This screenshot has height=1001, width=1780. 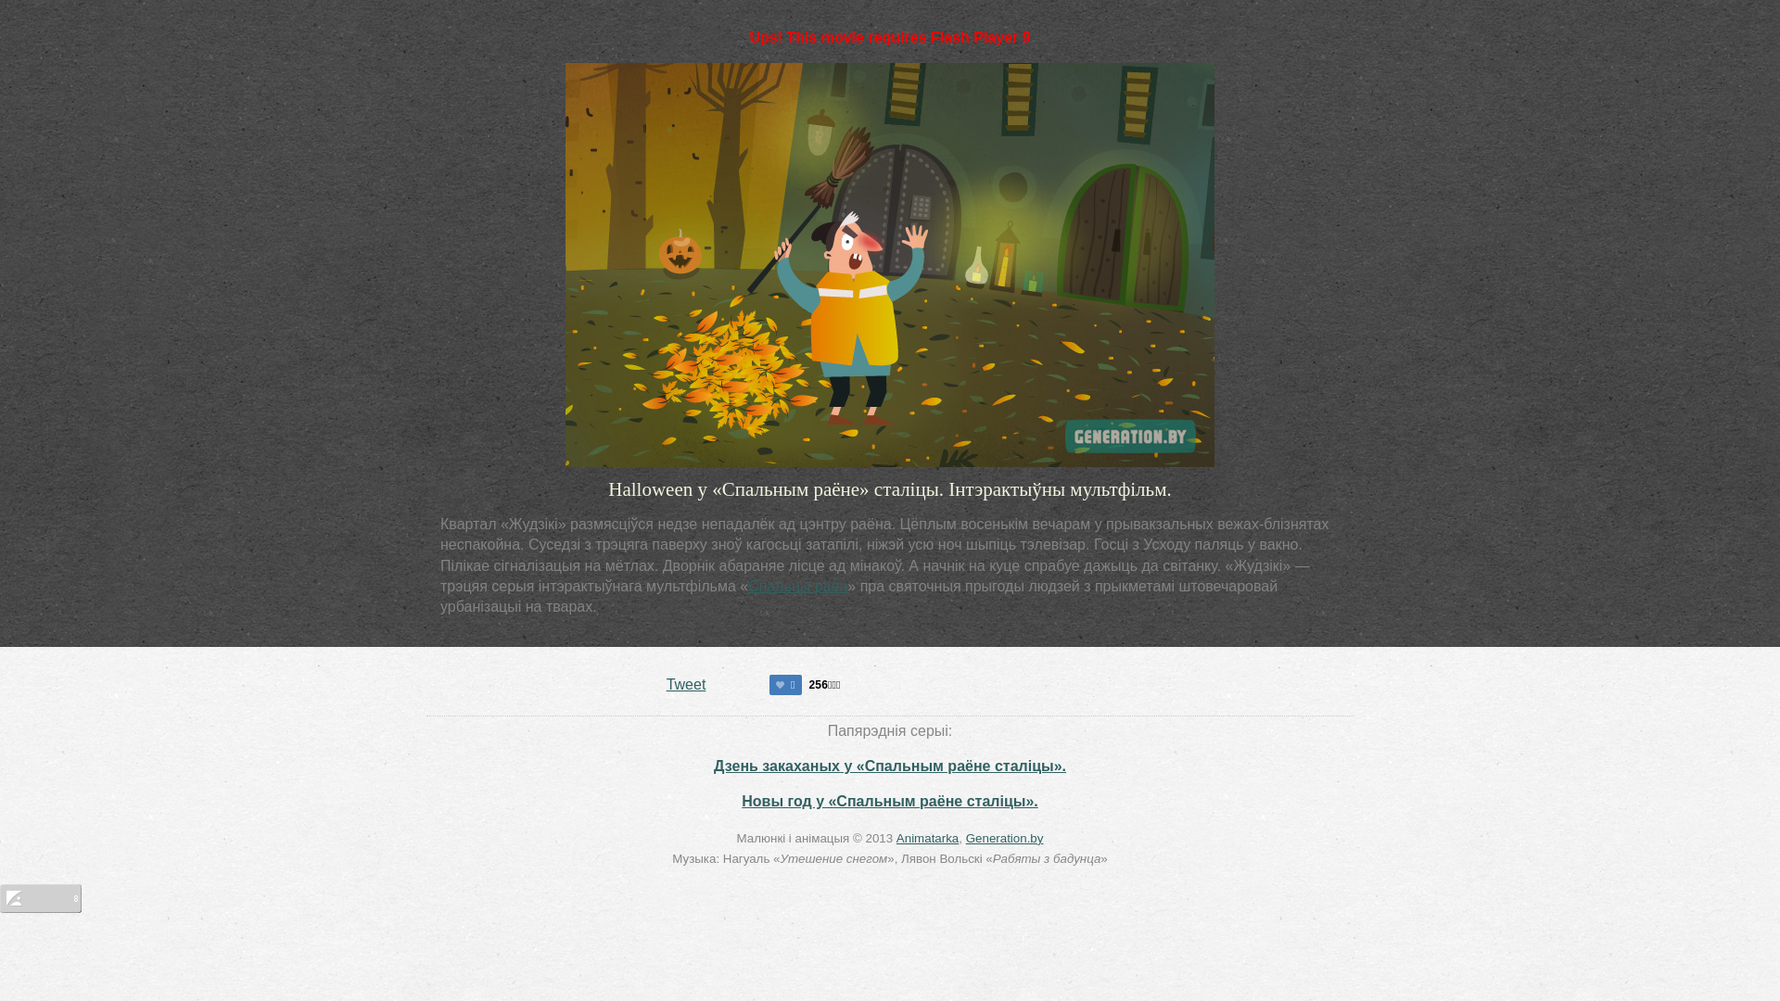 What do you see at coordinates (890, 264) in the screenshot?
I see `'This movie requires Flash Player 9'` at bounding box center [890, 264].